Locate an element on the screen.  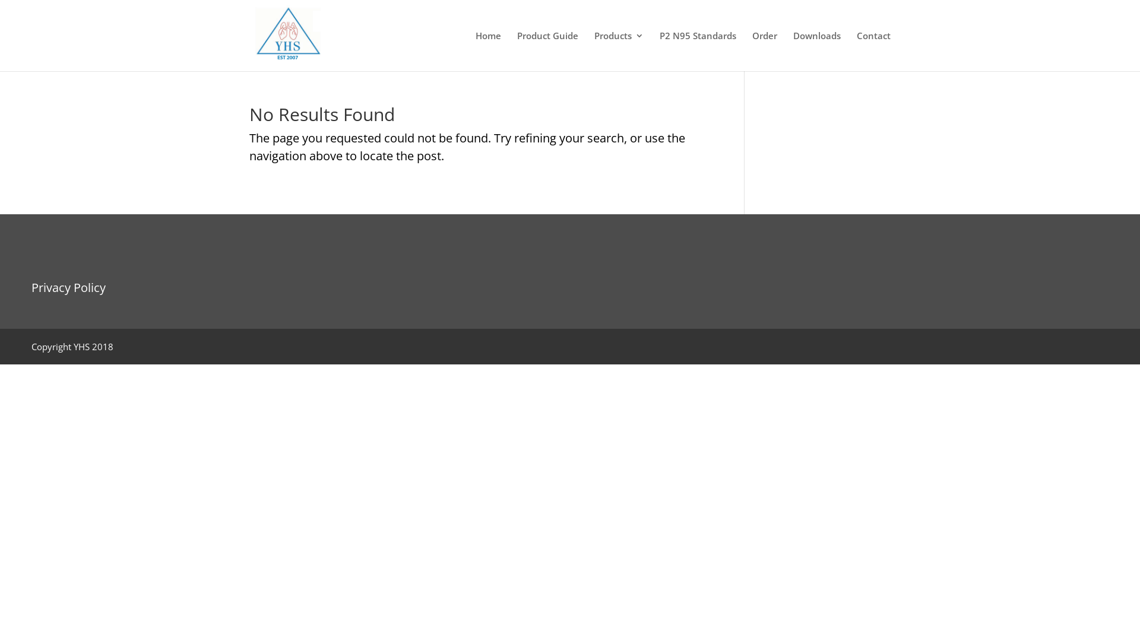
'Products' is located at coordinates (618, 50).